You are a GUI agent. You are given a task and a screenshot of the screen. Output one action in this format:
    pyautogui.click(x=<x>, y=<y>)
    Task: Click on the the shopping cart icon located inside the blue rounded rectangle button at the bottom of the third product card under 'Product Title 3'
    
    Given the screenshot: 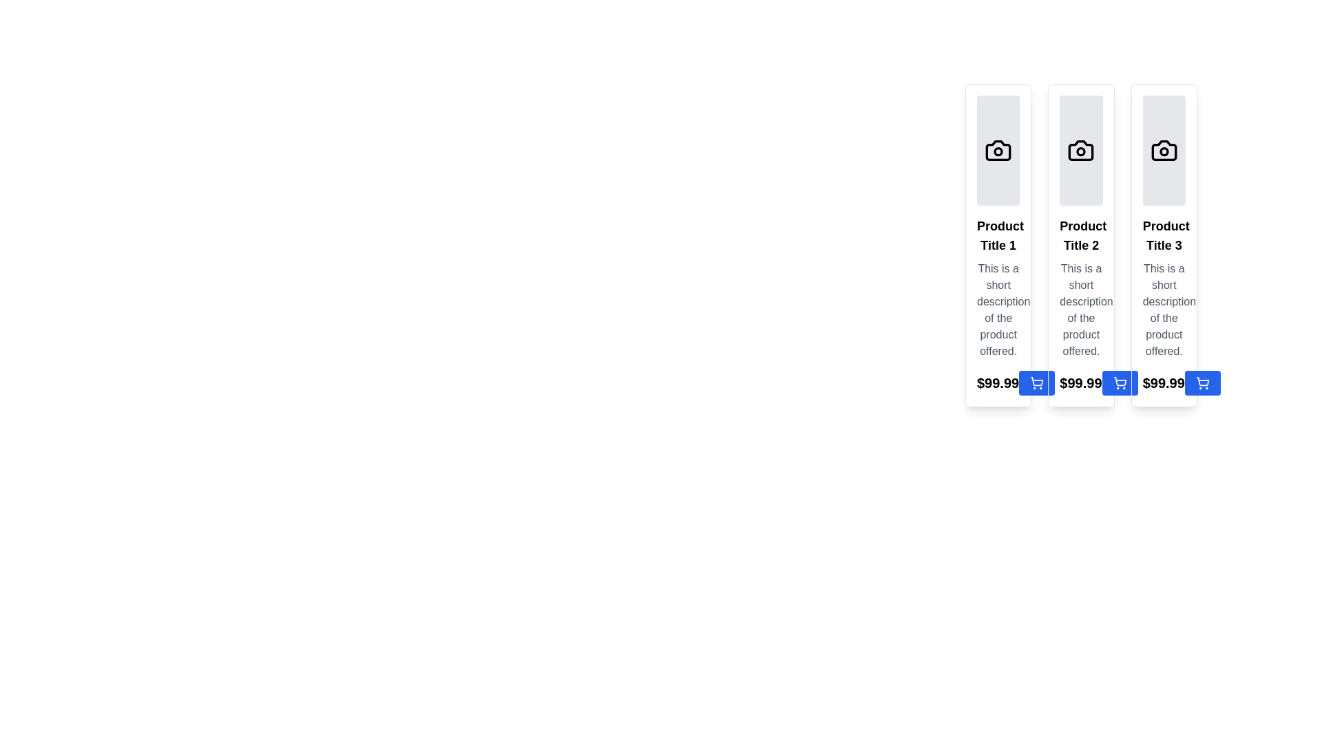 What is the action you would take?
    pyautogui.click(x=1202, y=383)
    